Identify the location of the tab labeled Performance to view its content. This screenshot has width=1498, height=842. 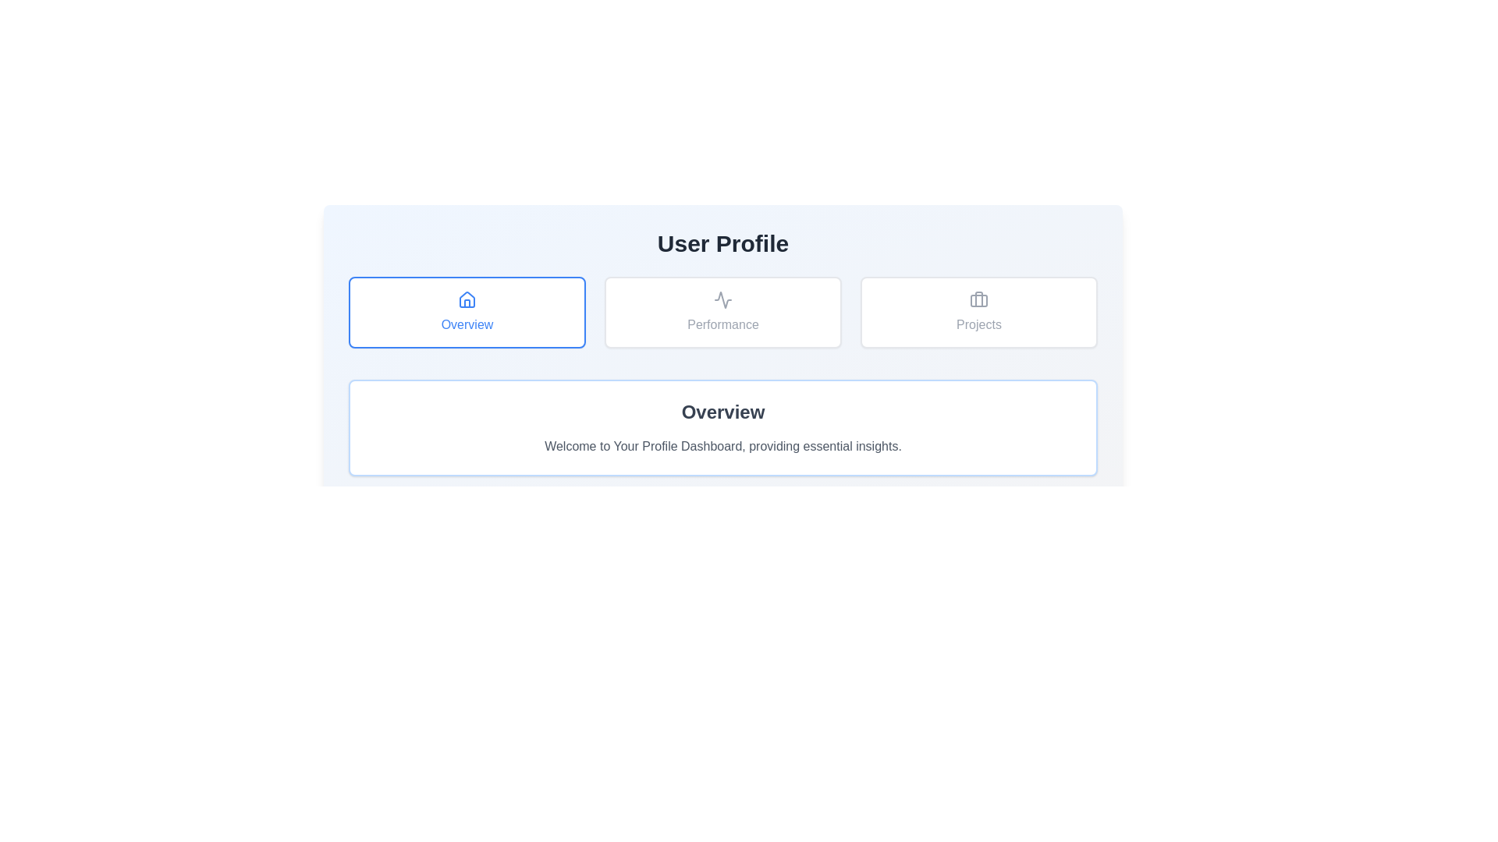
(722, 313).